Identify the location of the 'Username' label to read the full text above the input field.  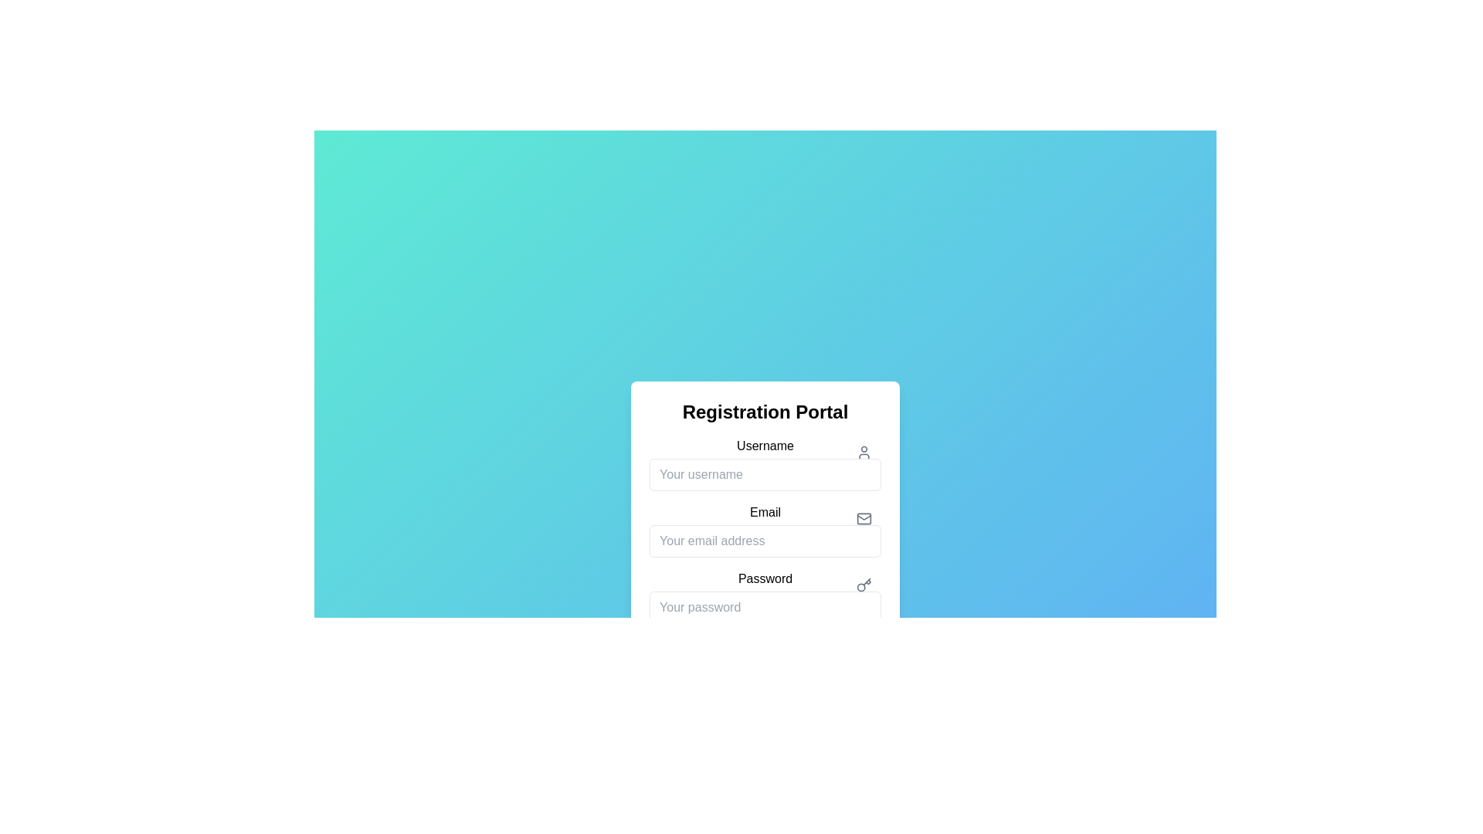
(765, 446).